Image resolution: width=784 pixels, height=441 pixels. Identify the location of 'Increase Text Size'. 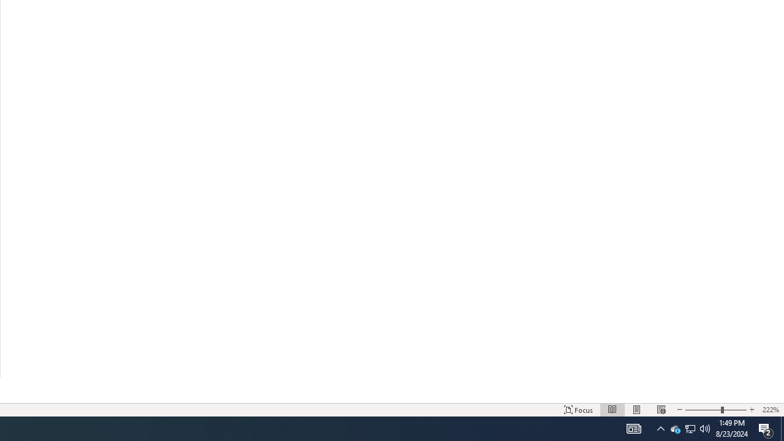
(751, 410).